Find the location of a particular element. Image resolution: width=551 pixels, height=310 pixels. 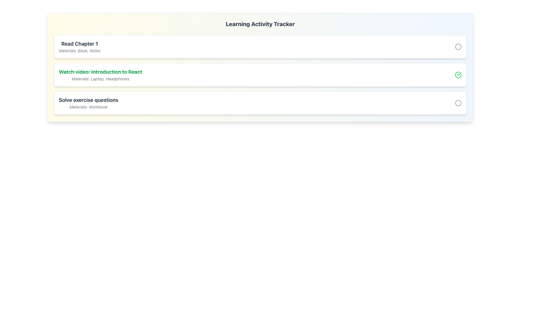

Text Display element located at the top center of the card-like panel, which serves as a title summarizing the content below is located at coordinates (260, 24).